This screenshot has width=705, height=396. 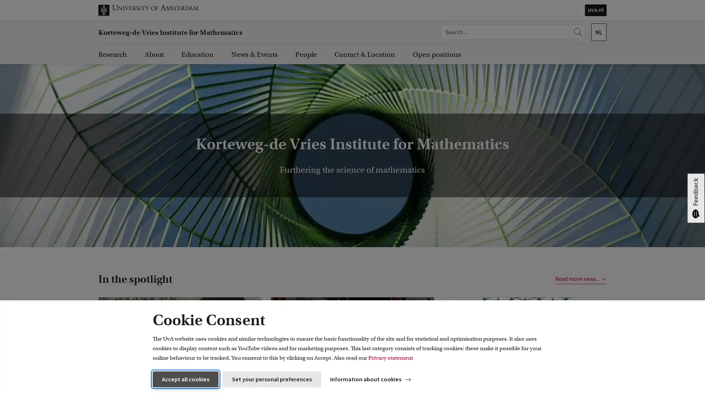 I want to click on Information about cookies, so click(x=372, y=379).